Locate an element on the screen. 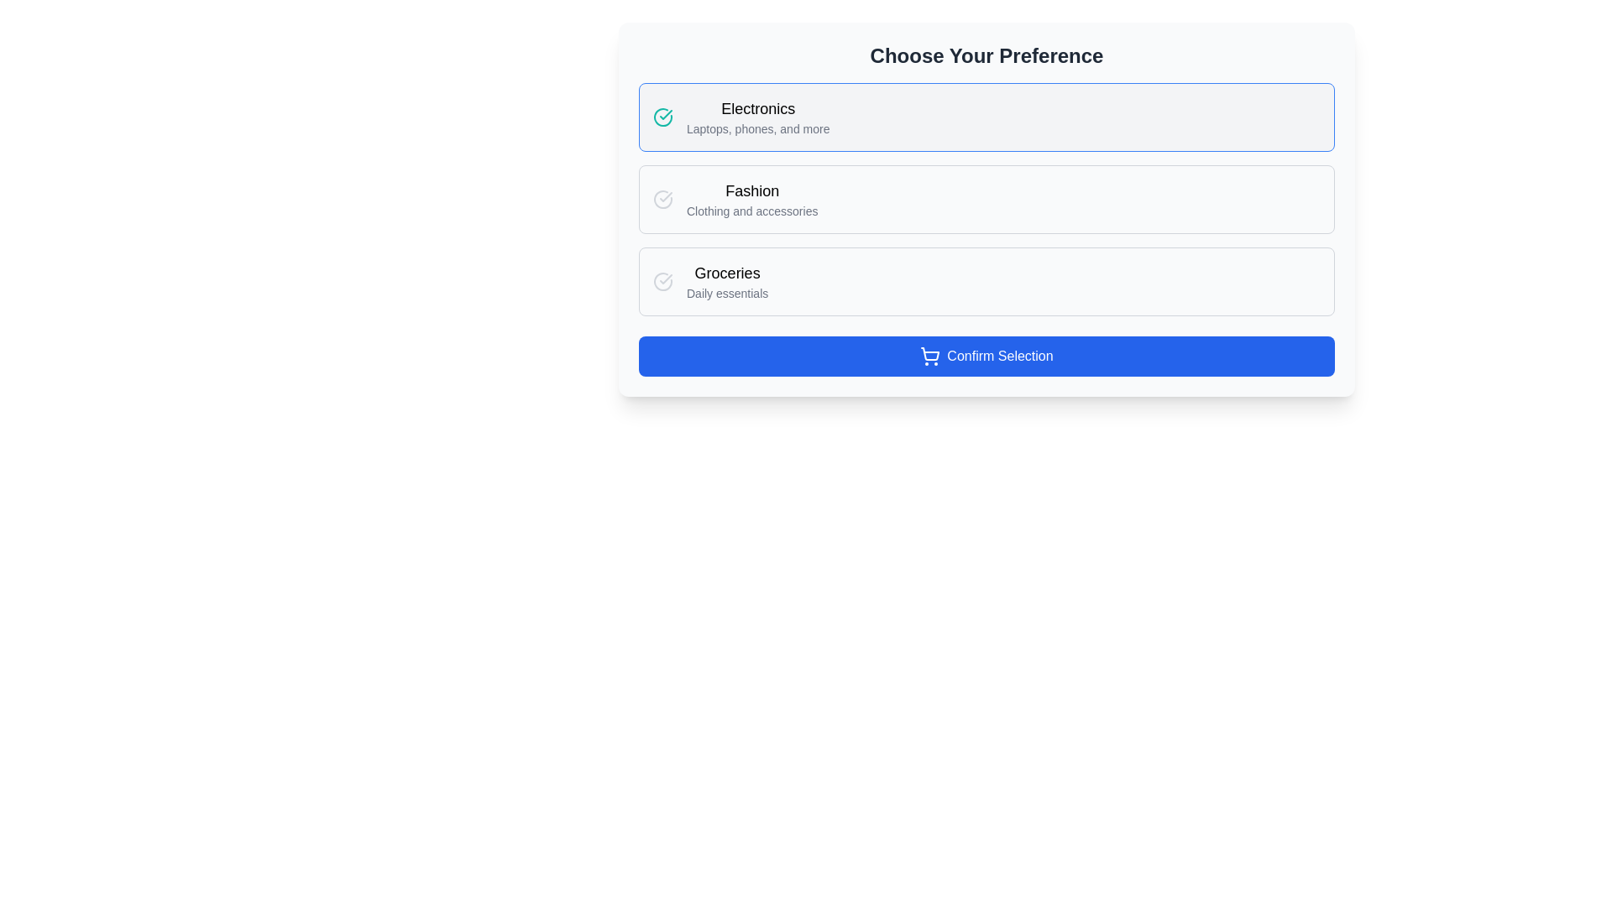 The image size is (1612, 906). the 'Groceries' option in the 'Choose Your Preference' section is located at coordinates (987, 280).